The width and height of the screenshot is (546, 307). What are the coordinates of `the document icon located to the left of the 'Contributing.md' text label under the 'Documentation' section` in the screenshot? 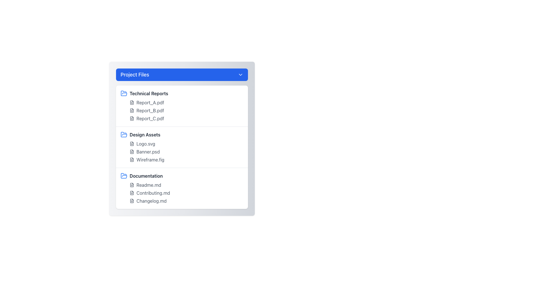 It's located at (132, 192).